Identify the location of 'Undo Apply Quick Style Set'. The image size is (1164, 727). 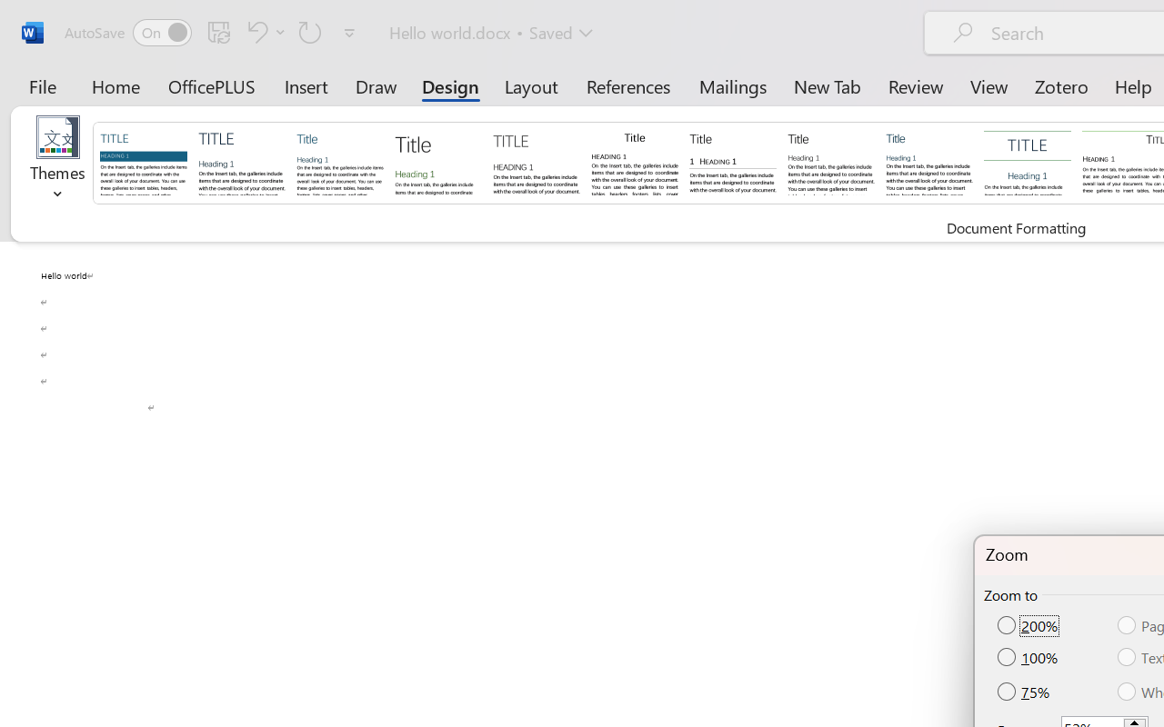
(263, 31).